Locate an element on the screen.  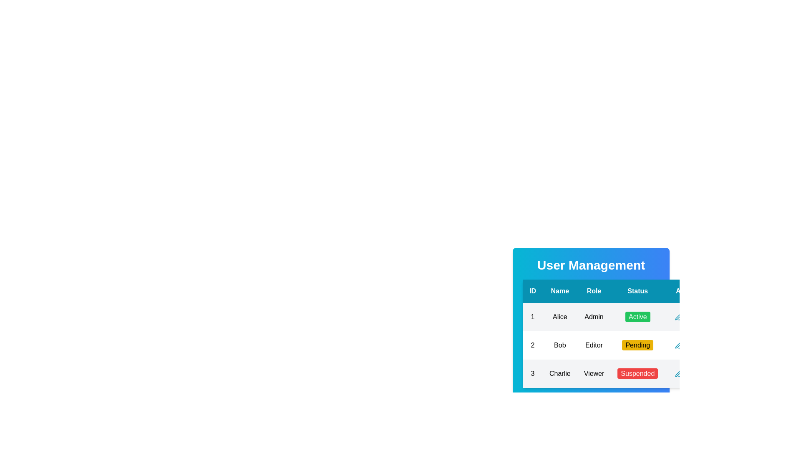
the 'Pending' button in the 'Status' column of the second row in the User Management table, which has a yellow background and black text is located at coordinates (637, 345).